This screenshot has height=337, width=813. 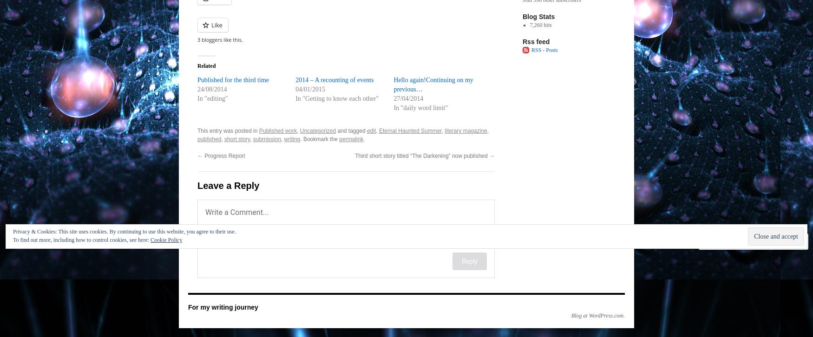 What do you see at coordinates (209, 138) in the screenshot?
I see `'published'` at bounding box center [209, 138].